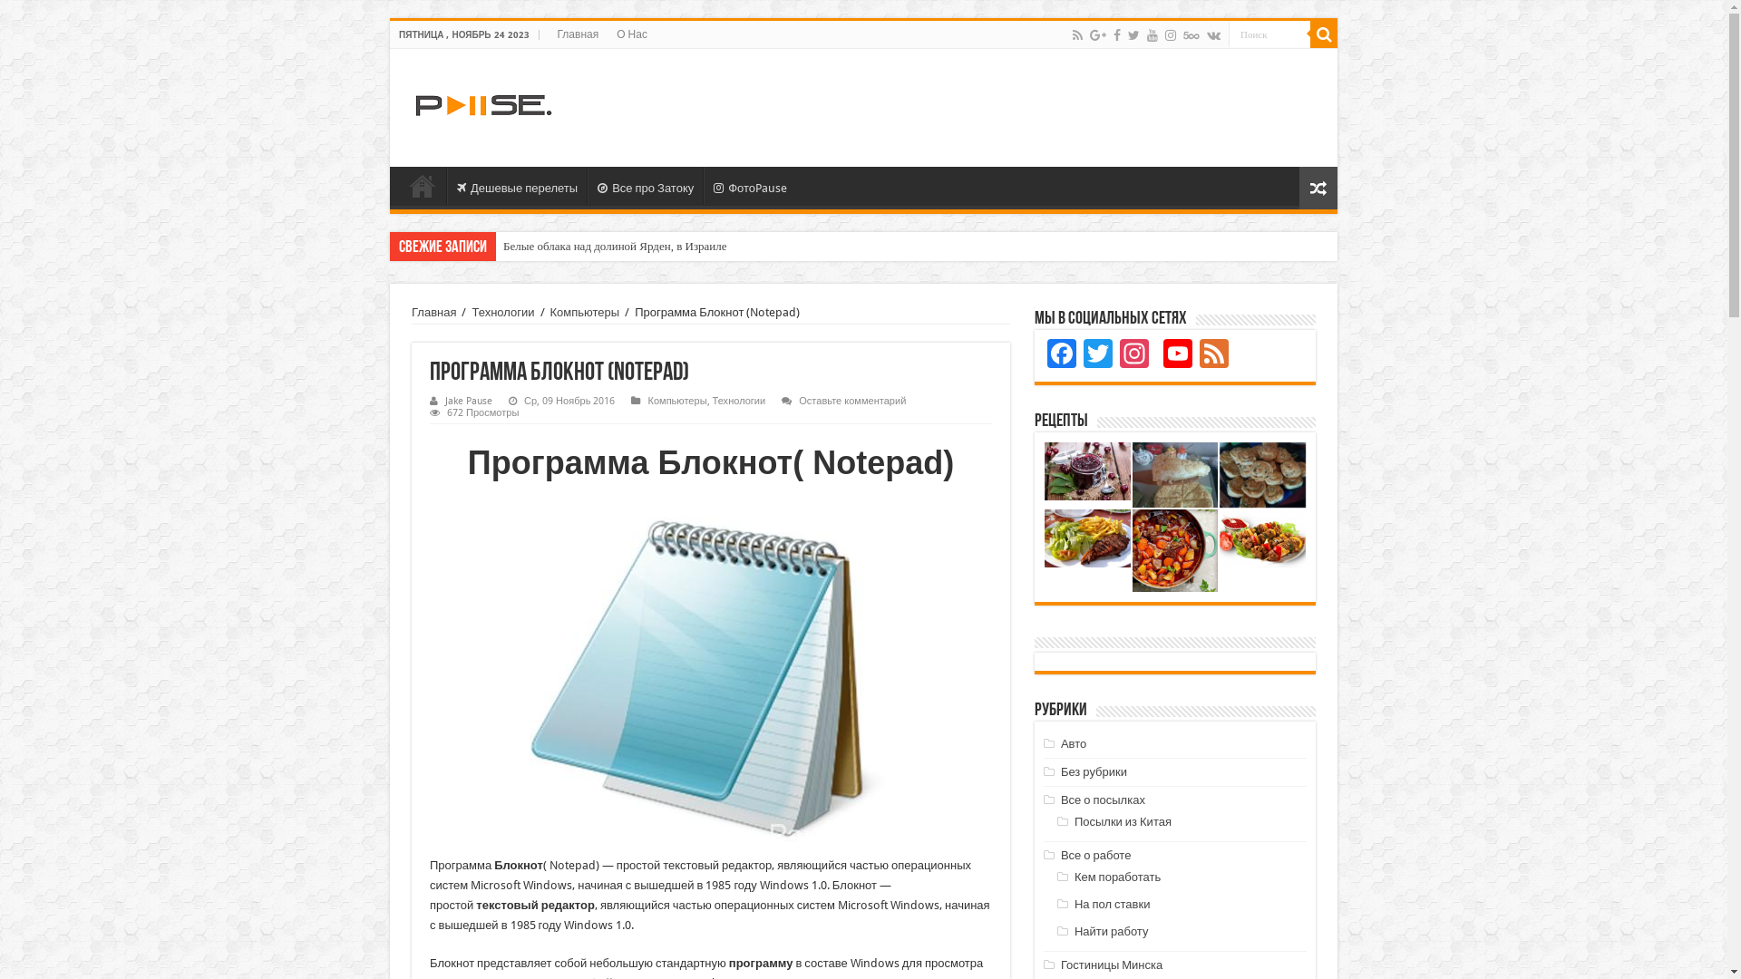 This screenshot has width=1741, height=979. What do you see at coordinates (469, 400) in the screenshot?
I see `'Jake Pause'` at bounding box center [469, 400].